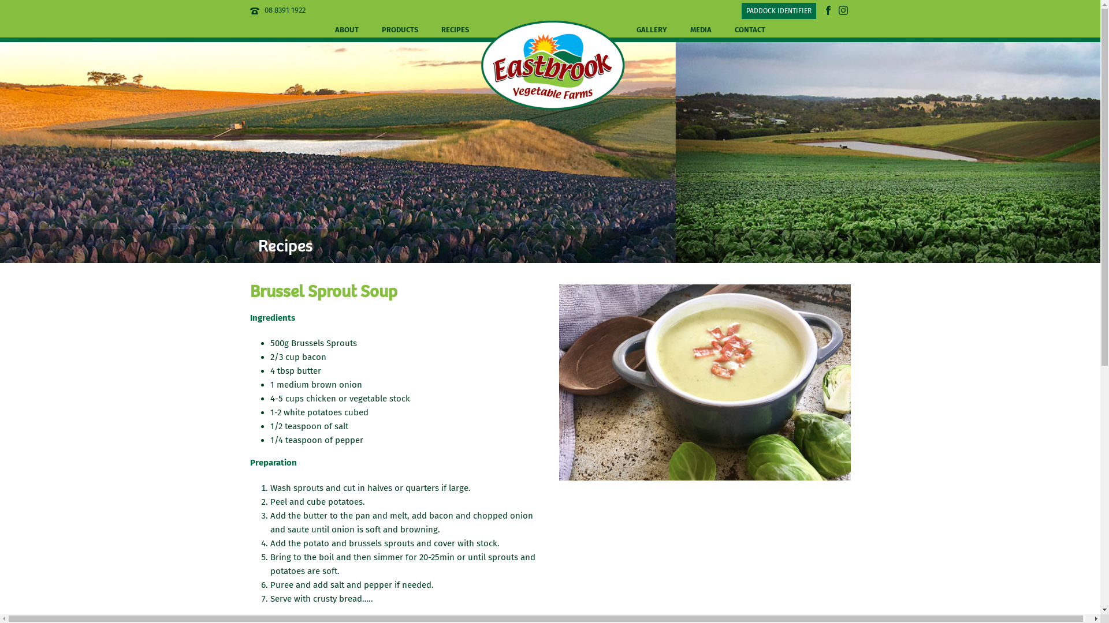 Image resolution: width=1109 pixels, height=623 pixels. I want to click on 'GALLERY', so click(652, 28).